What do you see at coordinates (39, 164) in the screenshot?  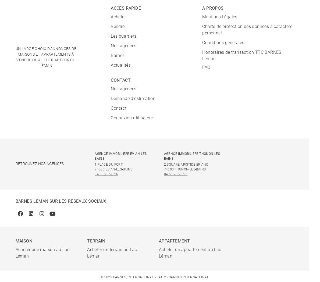 I see `'Retrouvez nos agences'` at bounding box center [39, 164].